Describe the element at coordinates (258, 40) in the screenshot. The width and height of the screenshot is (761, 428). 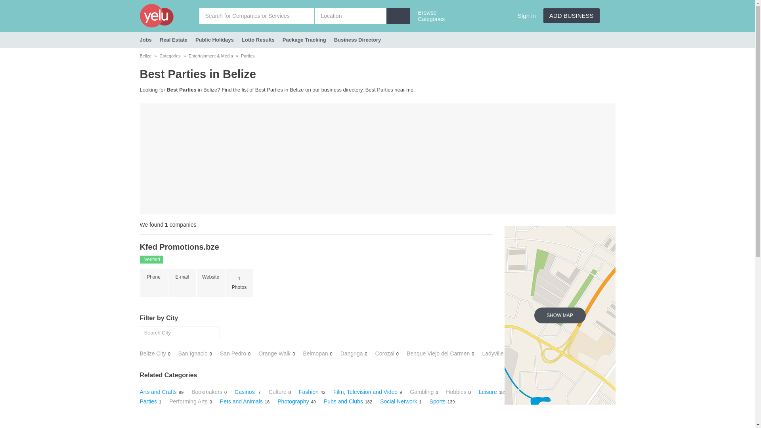
I see `'Lotto Results'` at that location.